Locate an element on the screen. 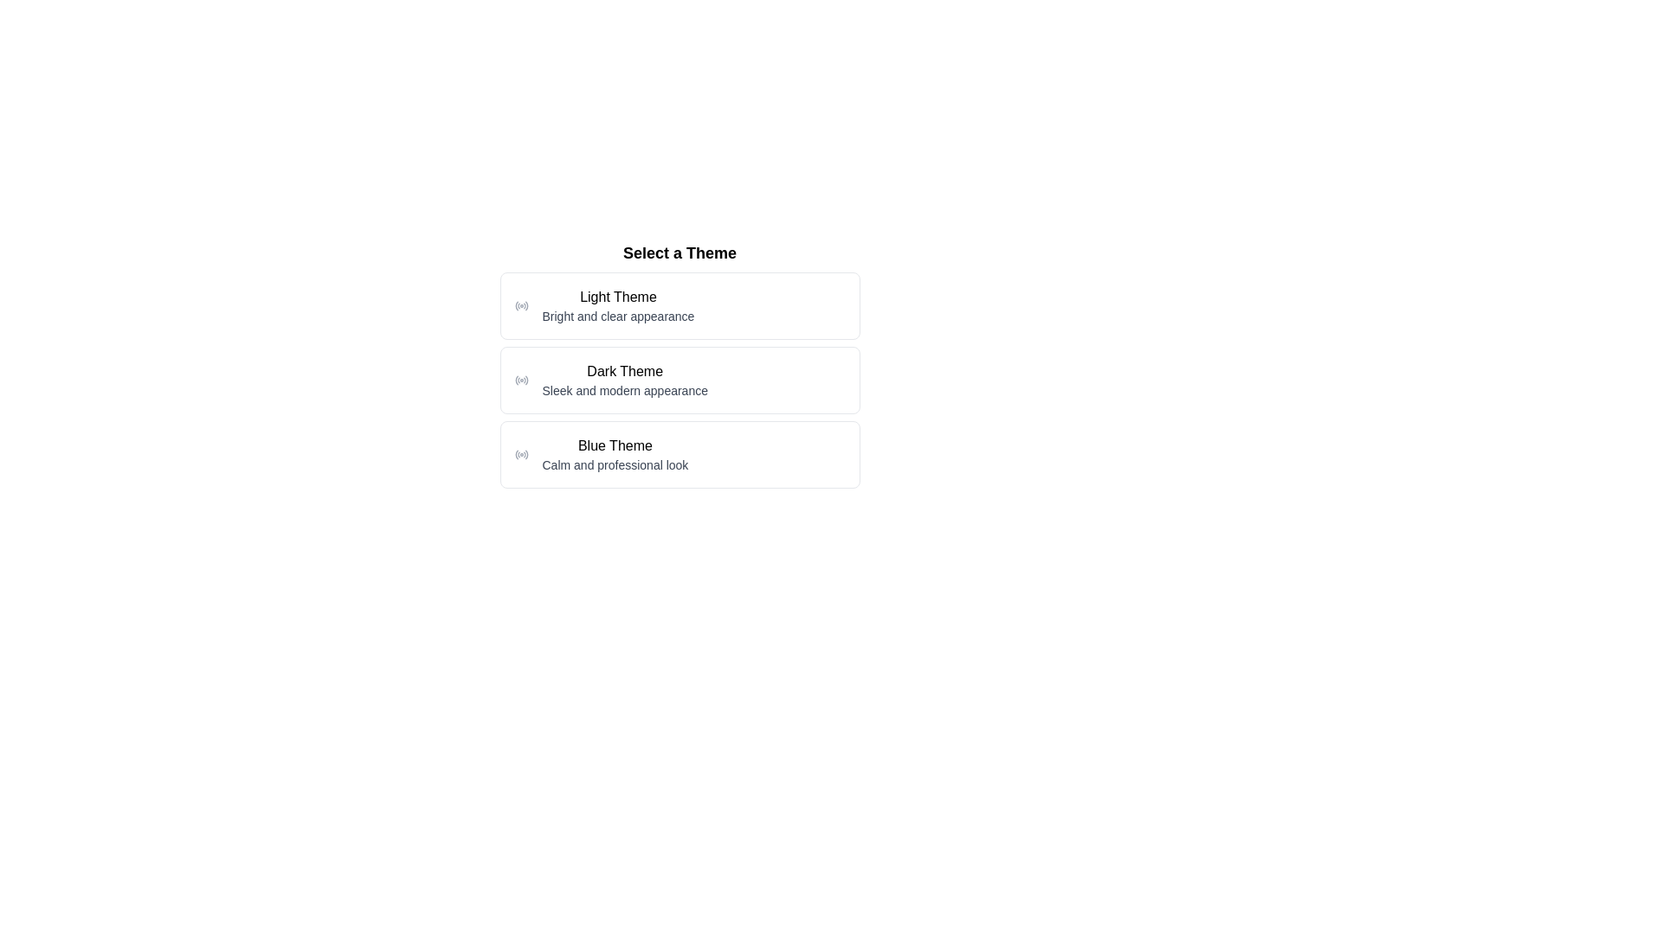 The width and height of the screenshot is (1662, 934). the radio button for selecting the 'Blue Theme' option, which is positioned to the left of the label 'Blue Theme Calm and professional look' is located at coordinates (520, 453).